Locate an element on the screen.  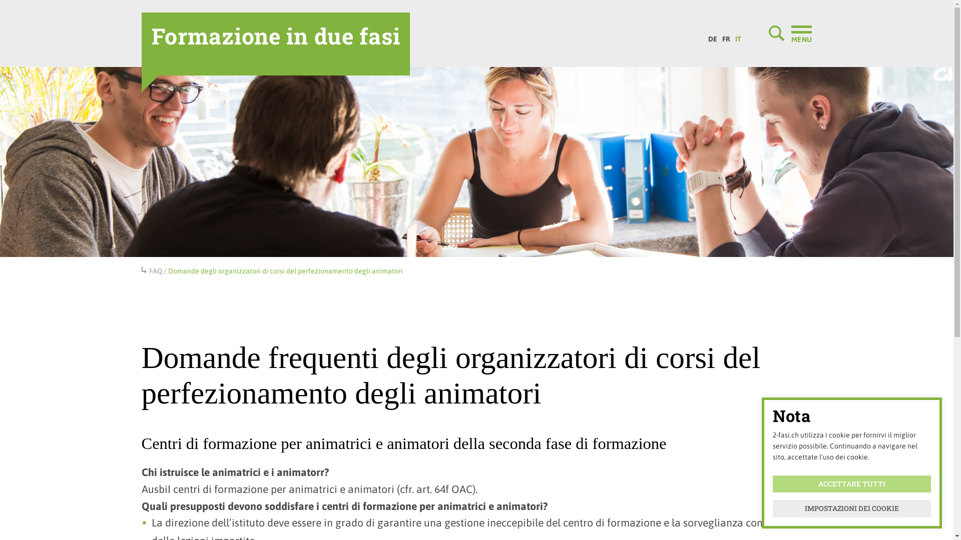
'IT' is located at coordinates (738, 36).